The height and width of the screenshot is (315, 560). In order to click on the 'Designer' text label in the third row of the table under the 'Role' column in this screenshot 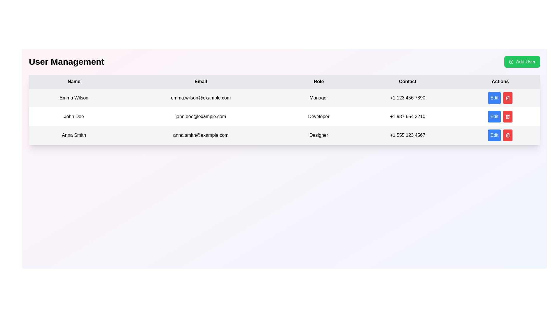, I will do `click(318, 135)`.